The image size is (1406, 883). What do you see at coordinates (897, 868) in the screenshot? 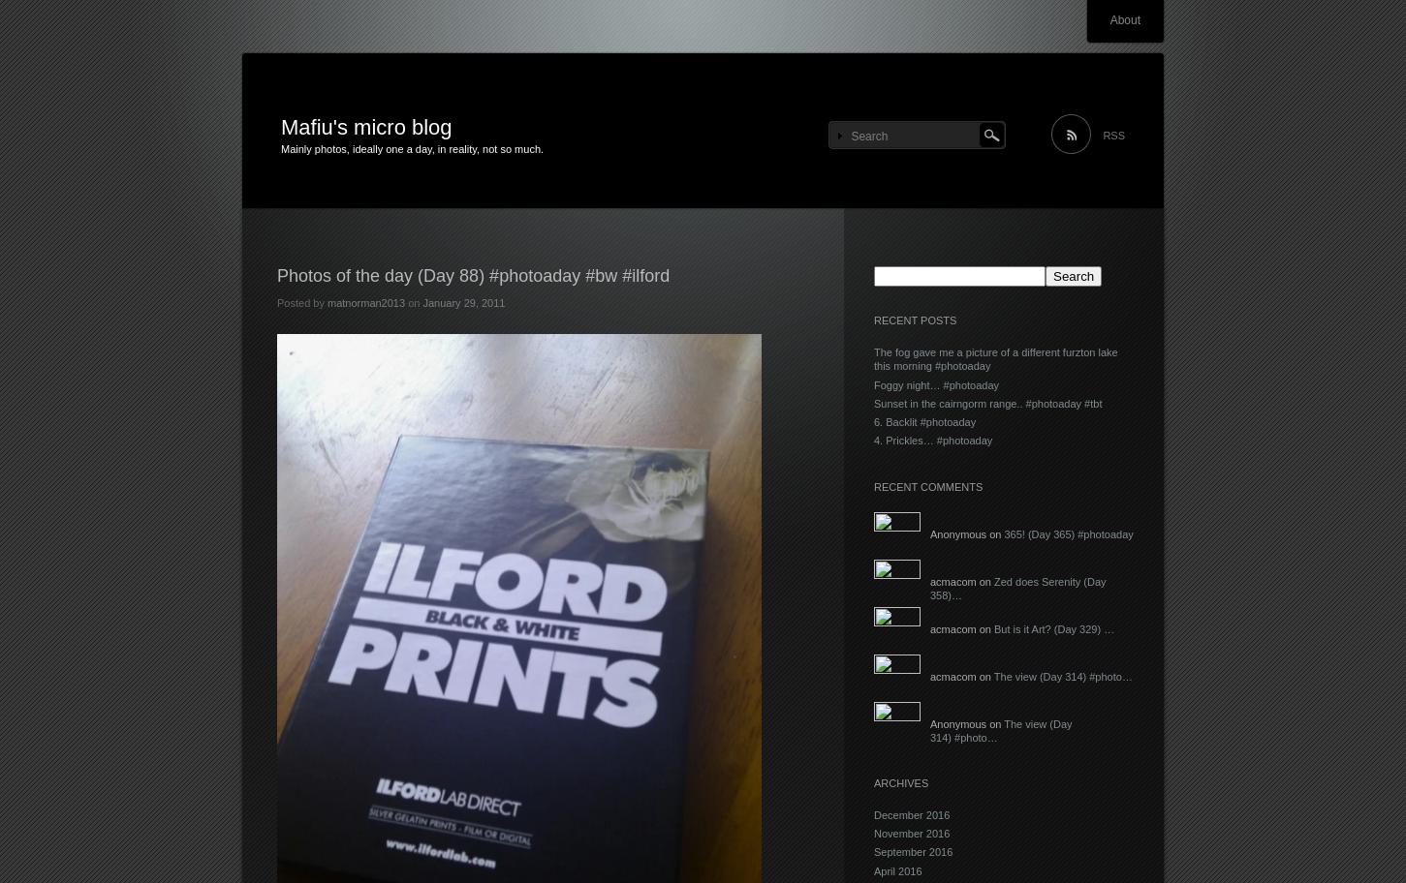
I see `'April 2016'` at bounding box center [897, 868].